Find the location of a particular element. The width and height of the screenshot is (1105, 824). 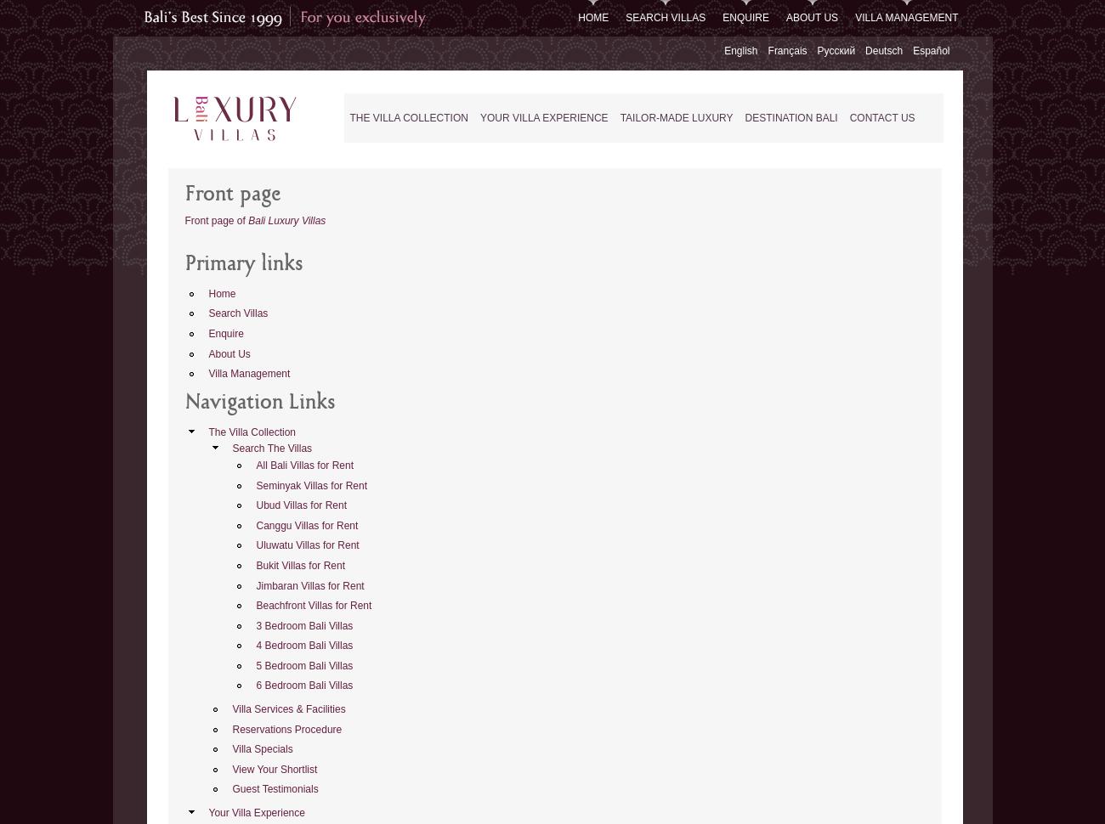

'Ubud Villas for Rent' is located at coordinates (300, 505).